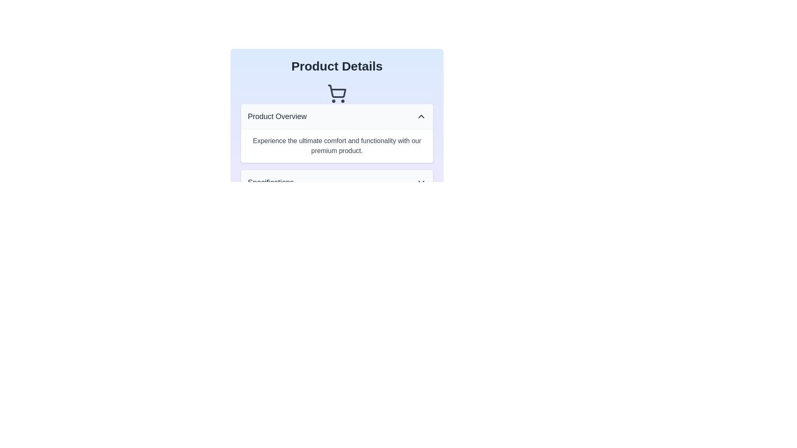 The image size is (797, 448). What do you see at coordinates (337, 91) in the screenshot?
I see `the shopping cart icon's basket component located in the 'Product Details' interface, which is styled with a minimalist design and is centered beneath the section header` at bounding box center [337, 91].